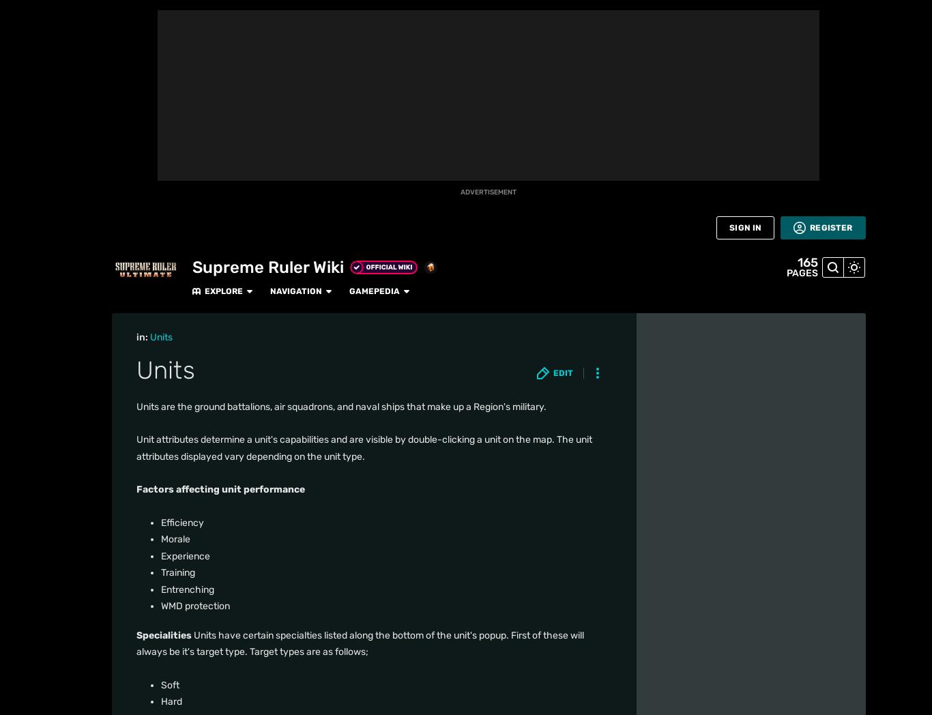  Describe the element at coordinates (175, 415) in the screenshot. I see `'Entrenchment'` at that location.